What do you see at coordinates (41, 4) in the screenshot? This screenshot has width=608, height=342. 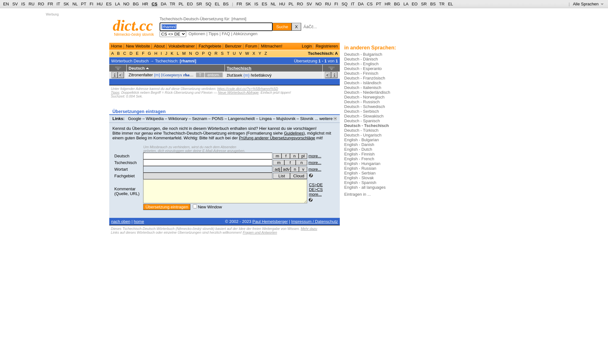 I see `'RO'` at bounding box center [41, 4].